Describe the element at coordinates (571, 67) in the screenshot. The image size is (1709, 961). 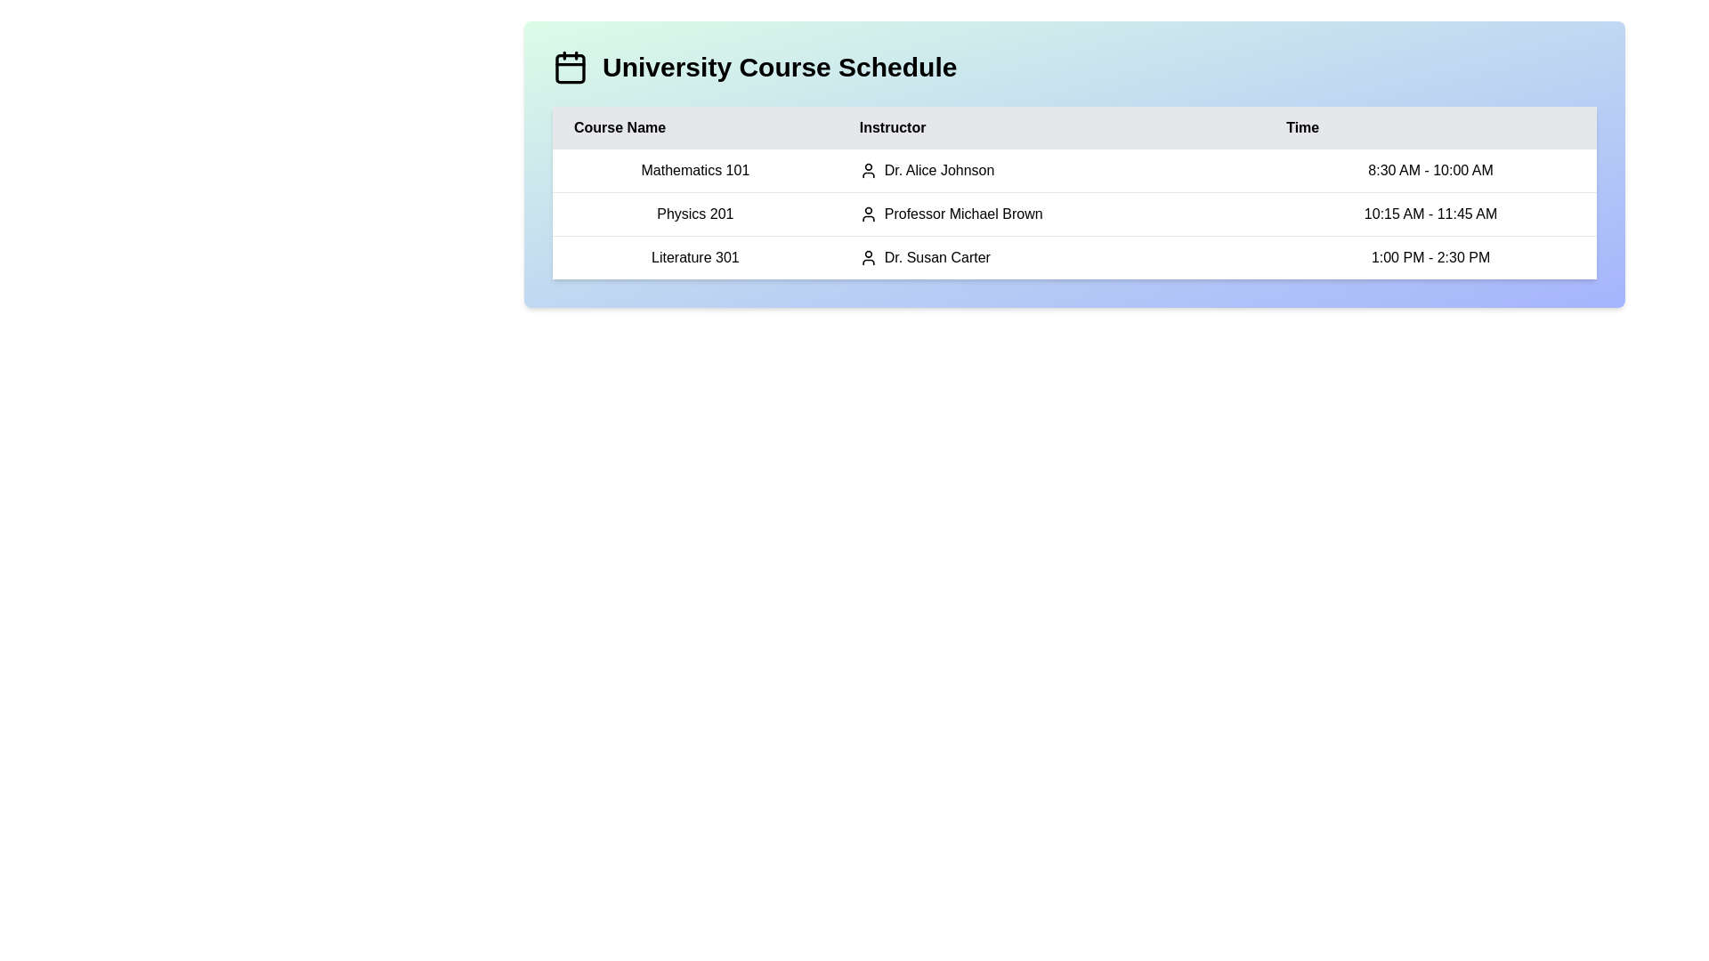
I see `the calendar icon located in the top-left corner of the header section, next to the 'University Course Schedule' title` at that location.